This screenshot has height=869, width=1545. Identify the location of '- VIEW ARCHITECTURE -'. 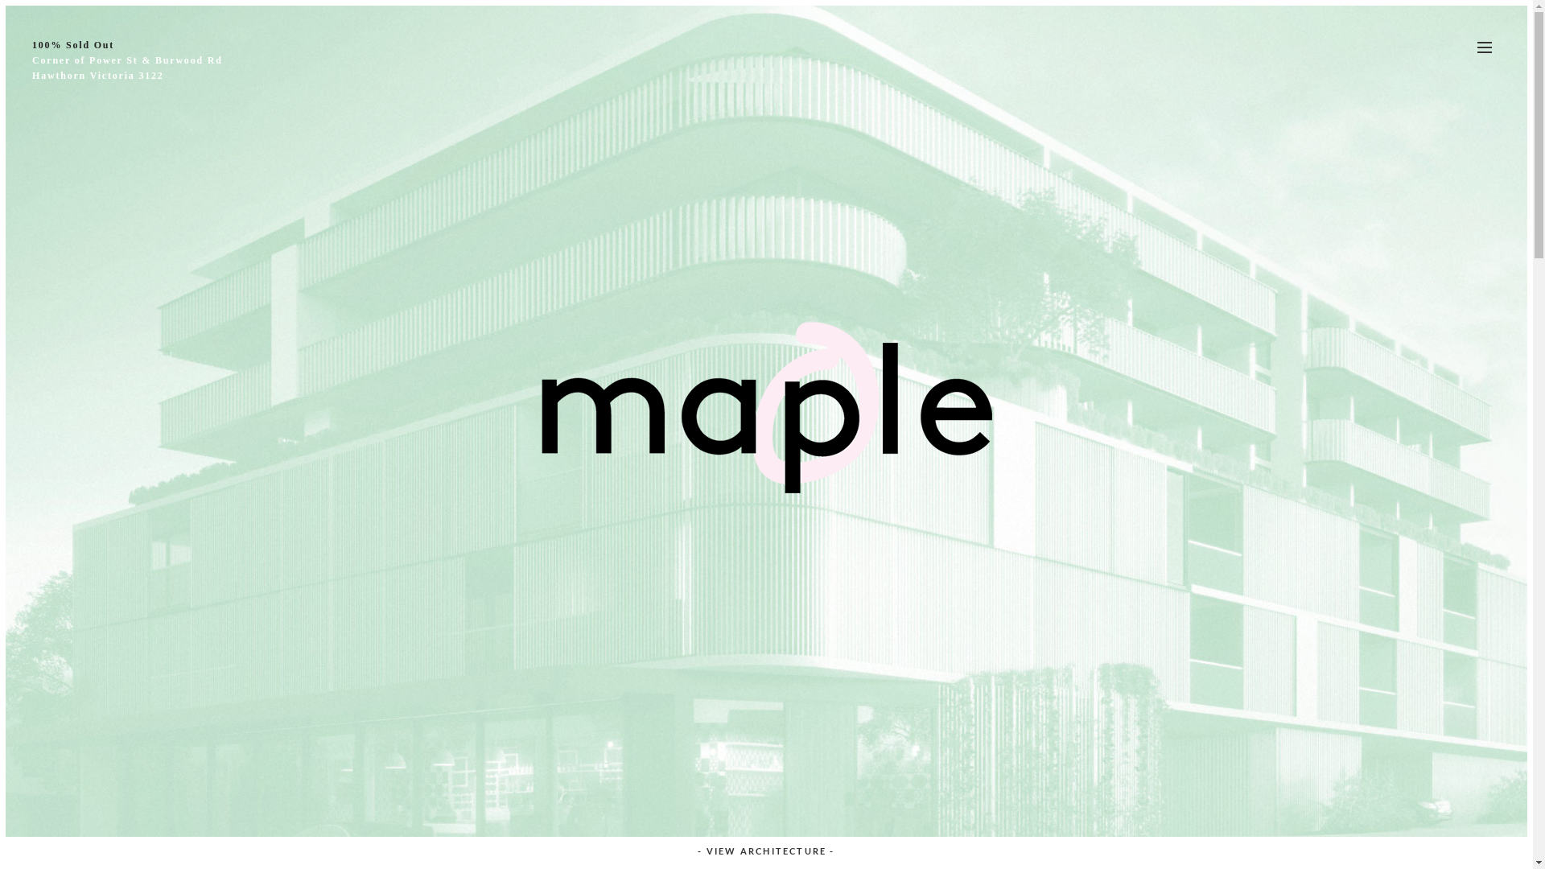
(685, 850).